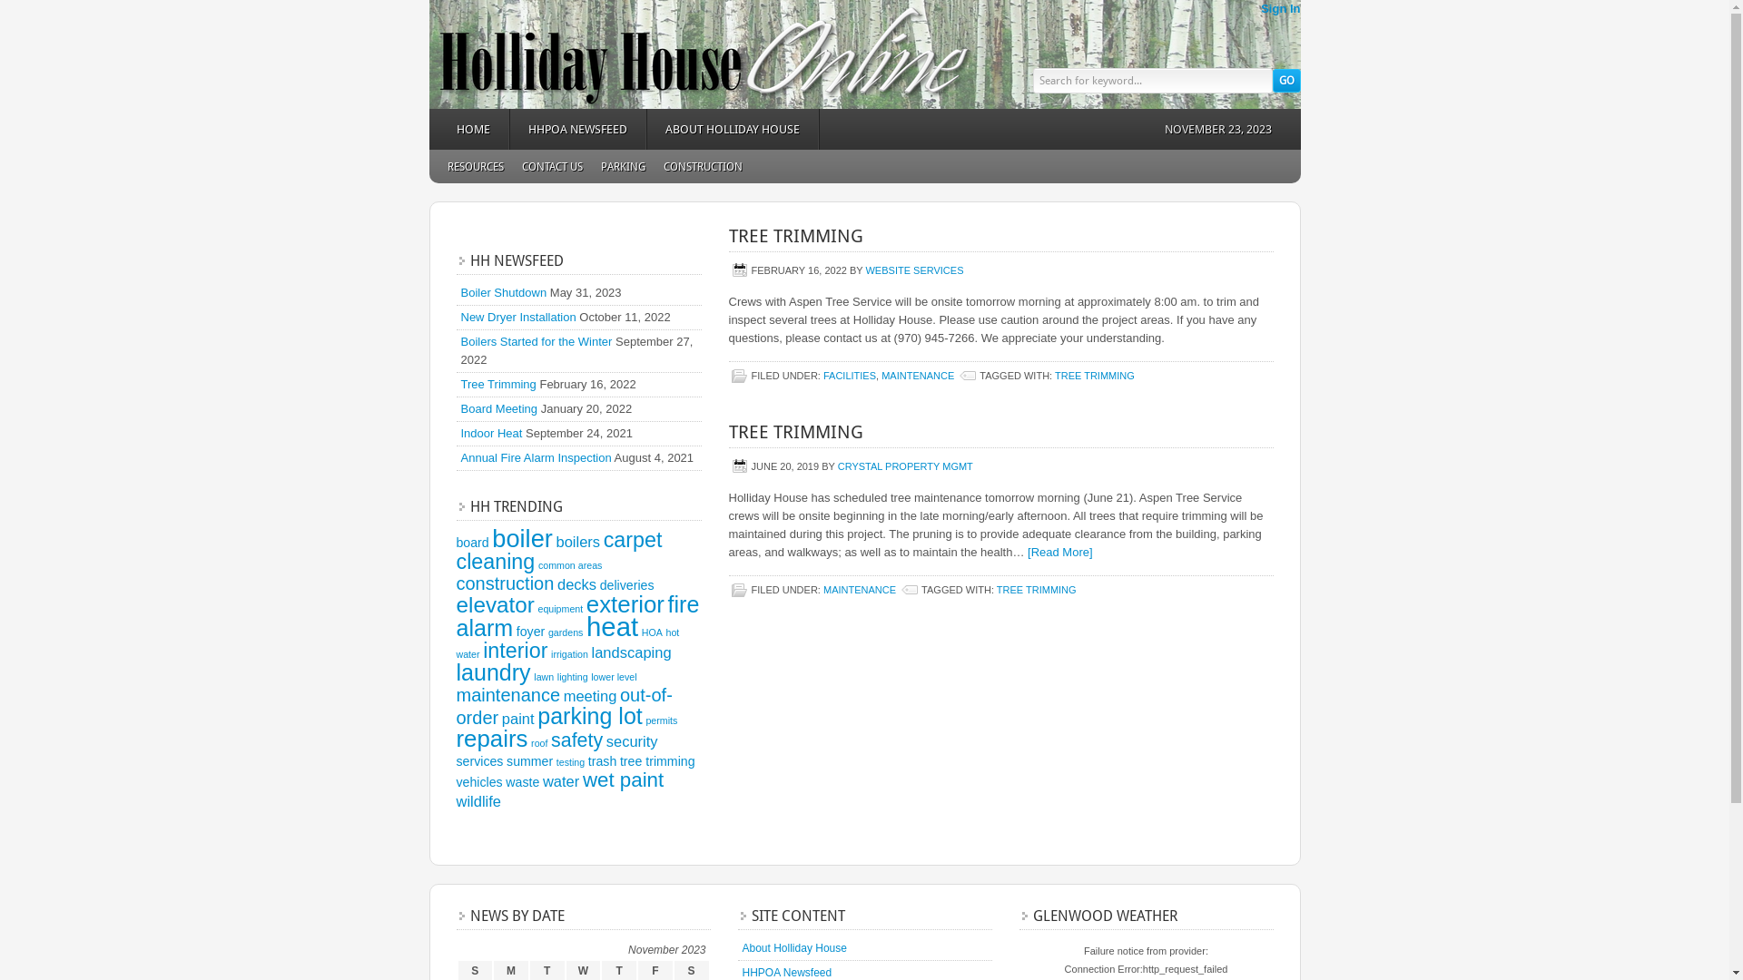  Describe the element at coordinates (614, 676) in the screenshot. I see `'lower level'` at that location.